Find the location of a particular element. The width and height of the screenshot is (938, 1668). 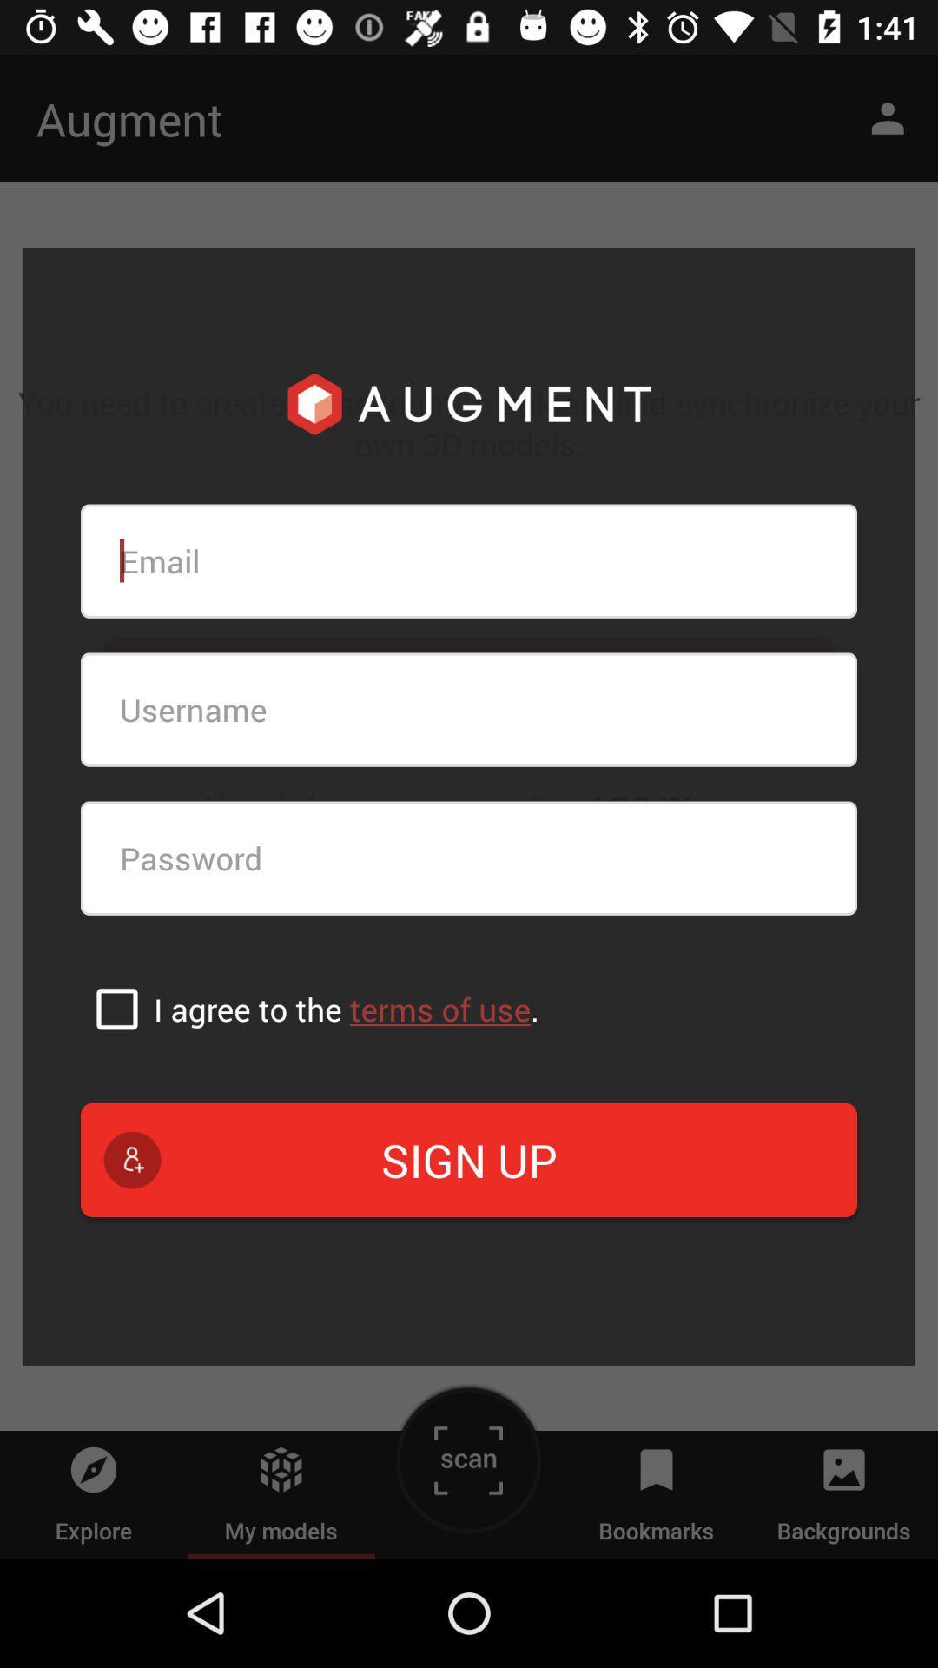

username is located at coordinates (469, 710).